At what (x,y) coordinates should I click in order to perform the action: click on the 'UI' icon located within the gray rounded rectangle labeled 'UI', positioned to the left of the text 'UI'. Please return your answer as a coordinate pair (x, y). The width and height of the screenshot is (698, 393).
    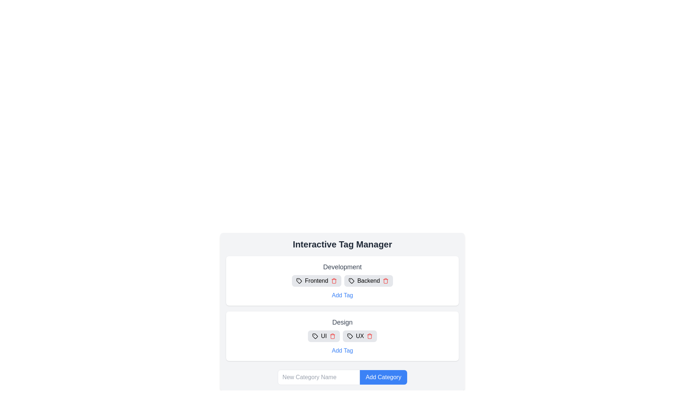
    Looking at the image, I should click on (315, 336).